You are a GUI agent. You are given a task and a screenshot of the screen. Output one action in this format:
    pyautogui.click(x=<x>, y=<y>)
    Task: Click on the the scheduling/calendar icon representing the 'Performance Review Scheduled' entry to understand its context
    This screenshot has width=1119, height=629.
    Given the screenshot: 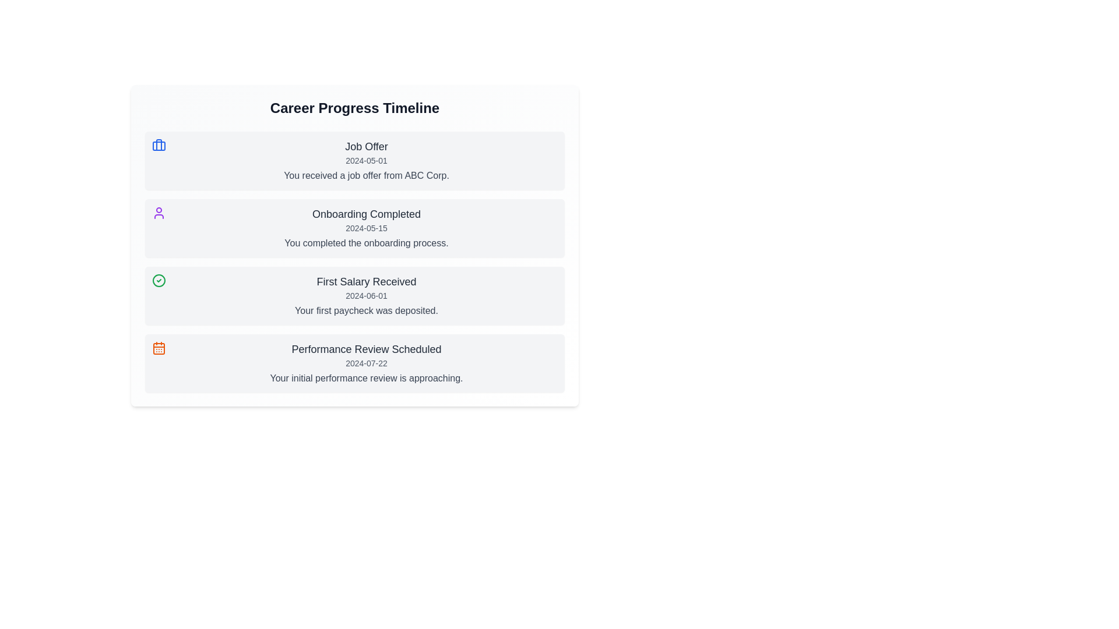 What is the action you would take?
    pyautogui.click(x=159, y=347)
    